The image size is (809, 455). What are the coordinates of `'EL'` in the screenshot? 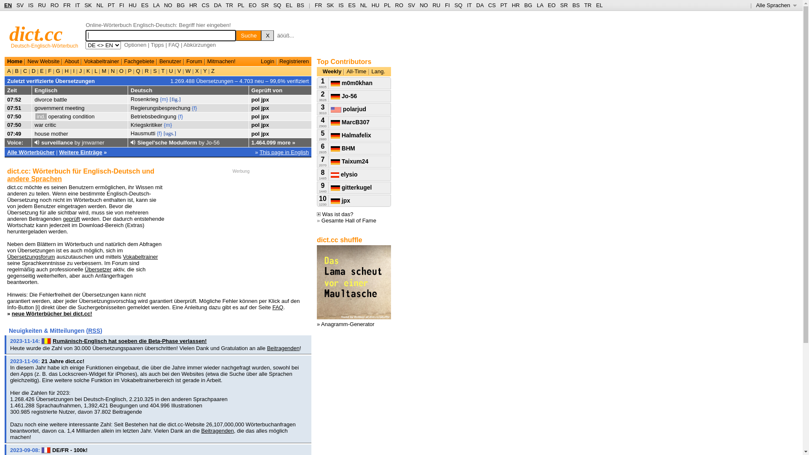 It's located at (596, 5).